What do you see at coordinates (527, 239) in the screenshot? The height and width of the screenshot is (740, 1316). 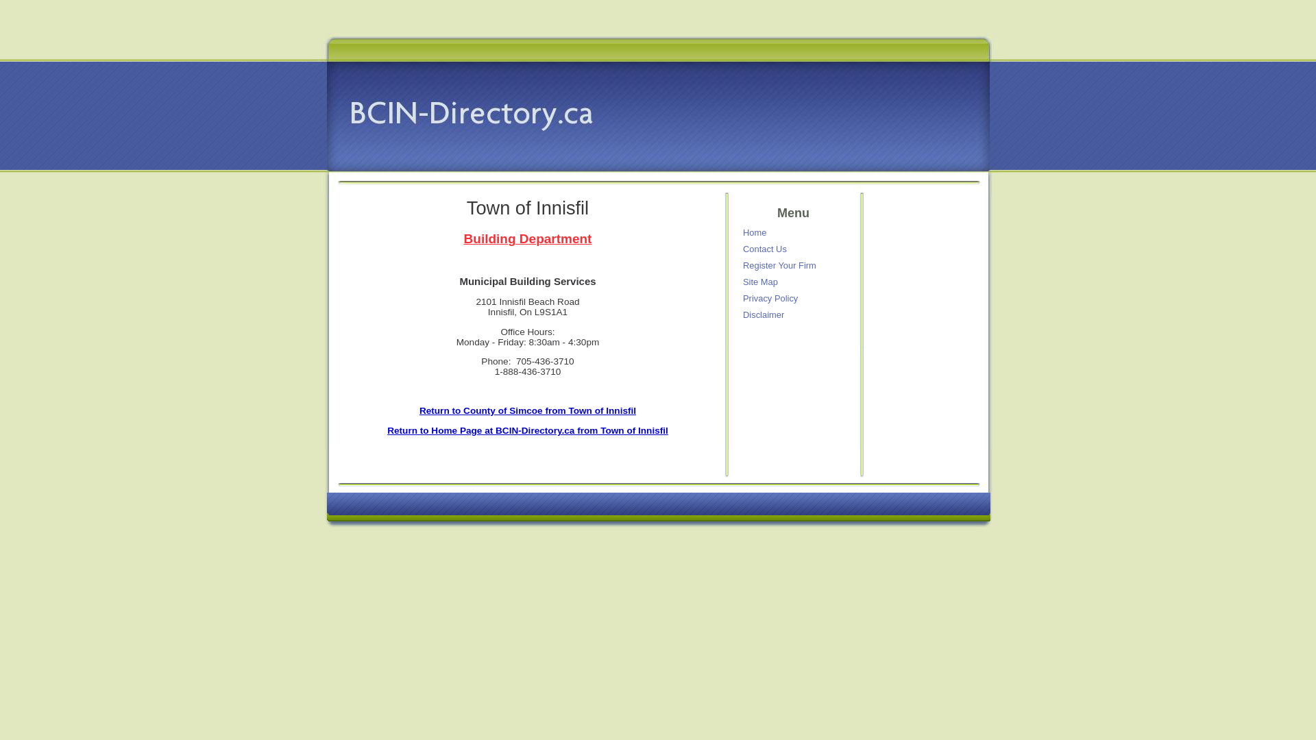 I see `'Building Department'` at bounding box center [527, 239].